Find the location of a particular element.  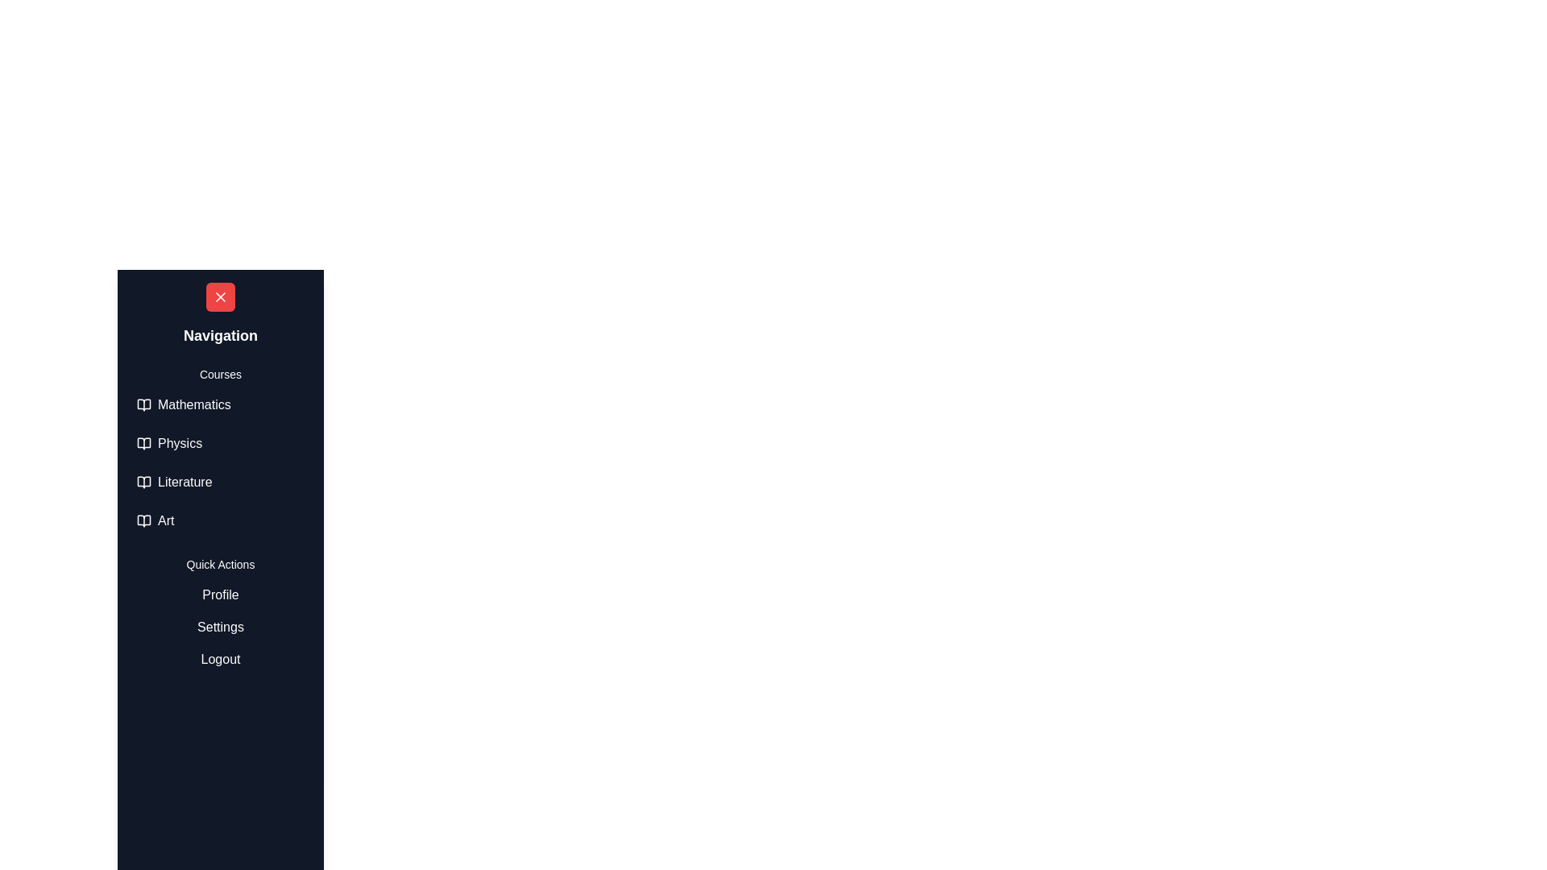

the SVG icon for the 'Physics' navigation link located in the 'Courses' section, which is the second icon in the menu is located at coordinates (143, 444).